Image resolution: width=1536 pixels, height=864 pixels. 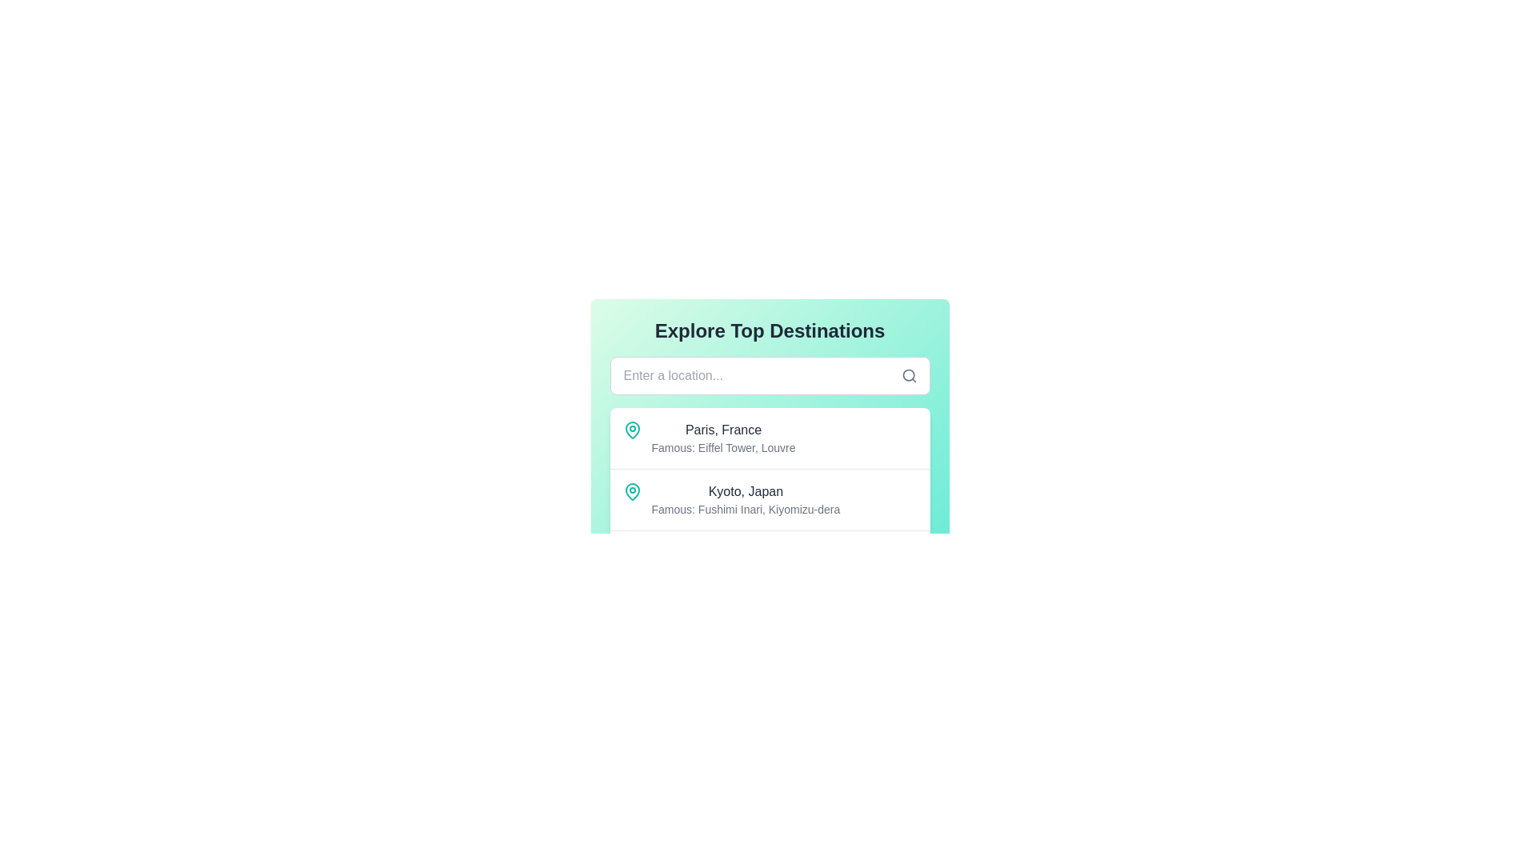 I want to click on the map pin icon located next to 'Kyoto, Japan' in the 'Explore Top Destinations' section, so click(x=631, y=490).